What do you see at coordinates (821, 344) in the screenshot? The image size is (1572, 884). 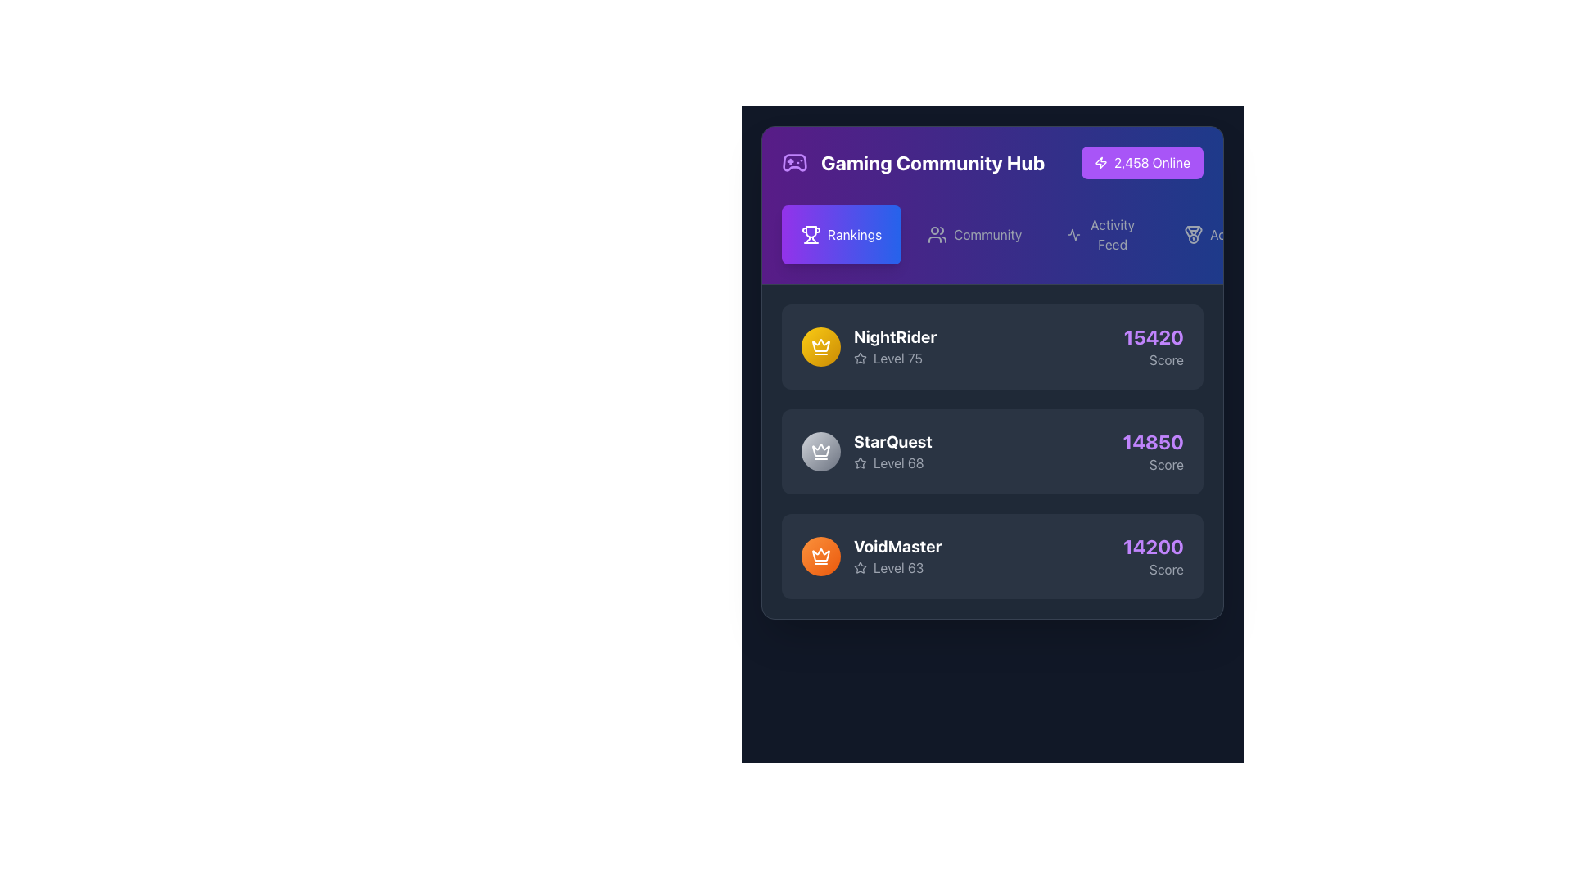 I see `the crown icon indicating the top-ranked user in the leaderboard next to the username 'NightRider'` at bounding box center [821, 344].